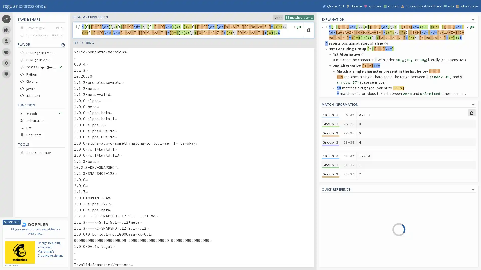 This screenshot has width=481, height=270. I want to click on Python, so click(41, 74).